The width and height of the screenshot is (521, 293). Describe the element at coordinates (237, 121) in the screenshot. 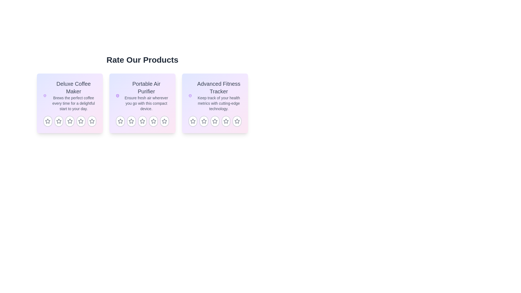

I see `the fifth star button in the star-based rating system` at that location.